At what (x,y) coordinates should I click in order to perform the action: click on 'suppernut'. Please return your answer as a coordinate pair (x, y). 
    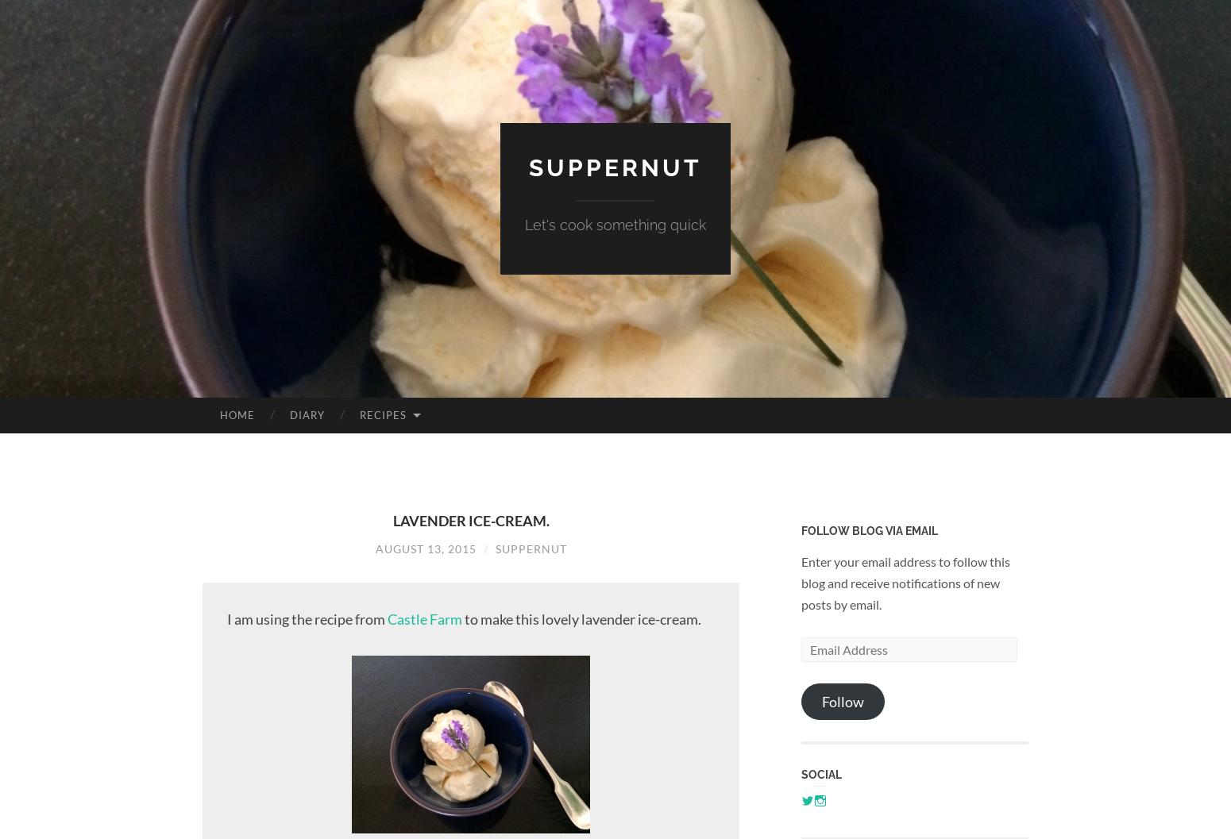
    Looking at the image, I should click on (615, 167).